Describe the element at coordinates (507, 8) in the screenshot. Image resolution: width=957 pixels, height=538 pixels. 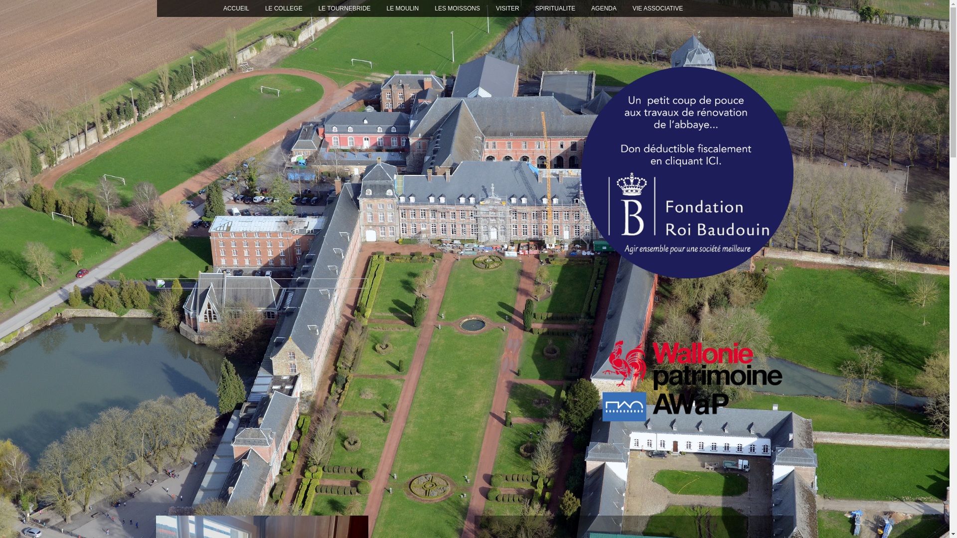
I see `'VISITER'` at that location.